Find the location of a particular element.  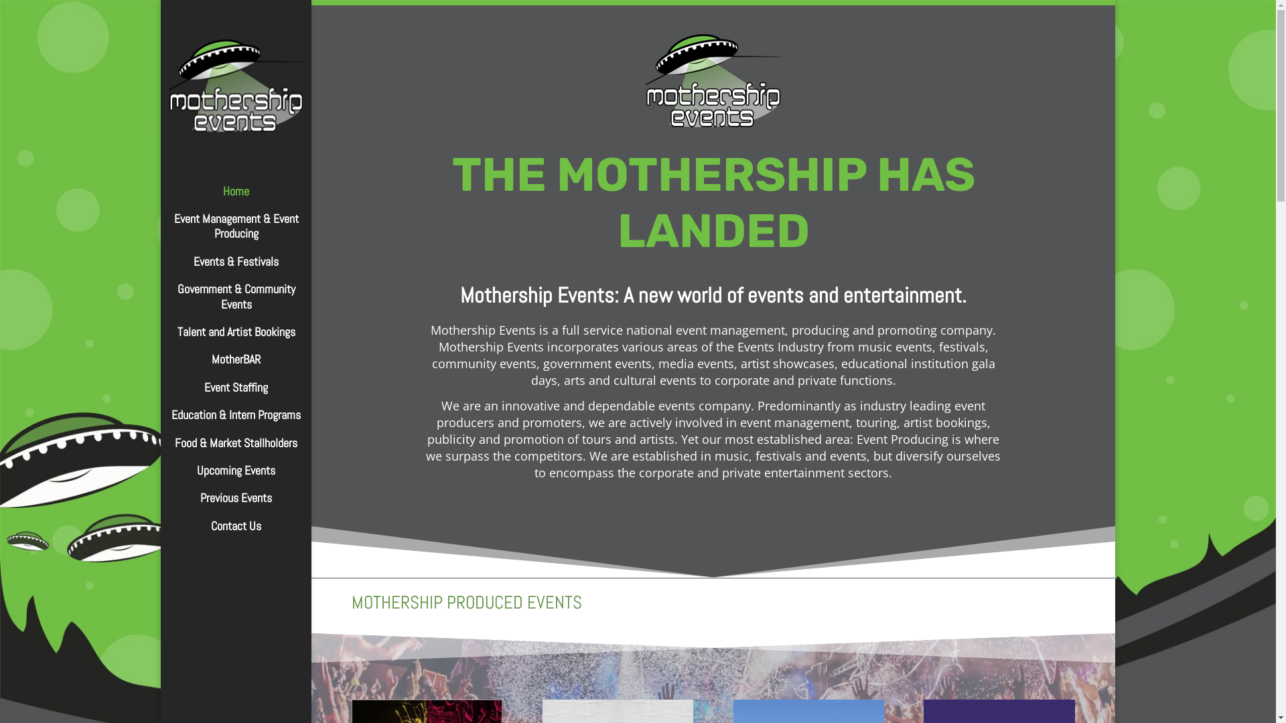

'Government & Community Events' is located at coordinates (249, 303).